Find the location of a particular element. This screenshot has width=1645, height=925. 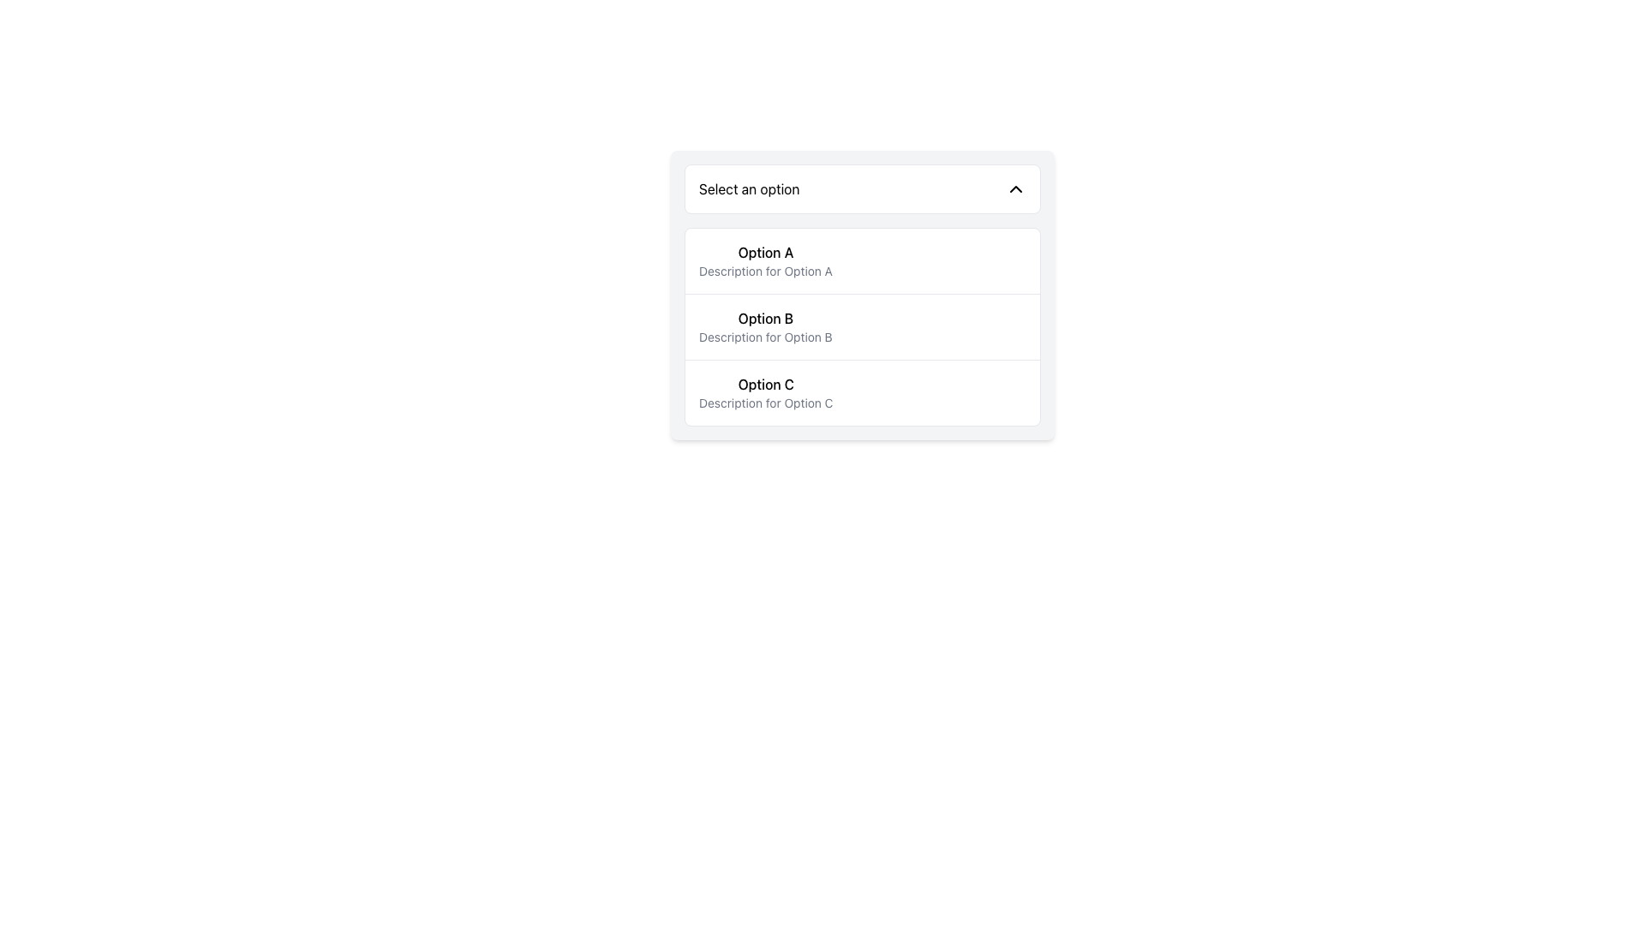

the third listed item in the dropdown menu is located at coordinates (765, 393).